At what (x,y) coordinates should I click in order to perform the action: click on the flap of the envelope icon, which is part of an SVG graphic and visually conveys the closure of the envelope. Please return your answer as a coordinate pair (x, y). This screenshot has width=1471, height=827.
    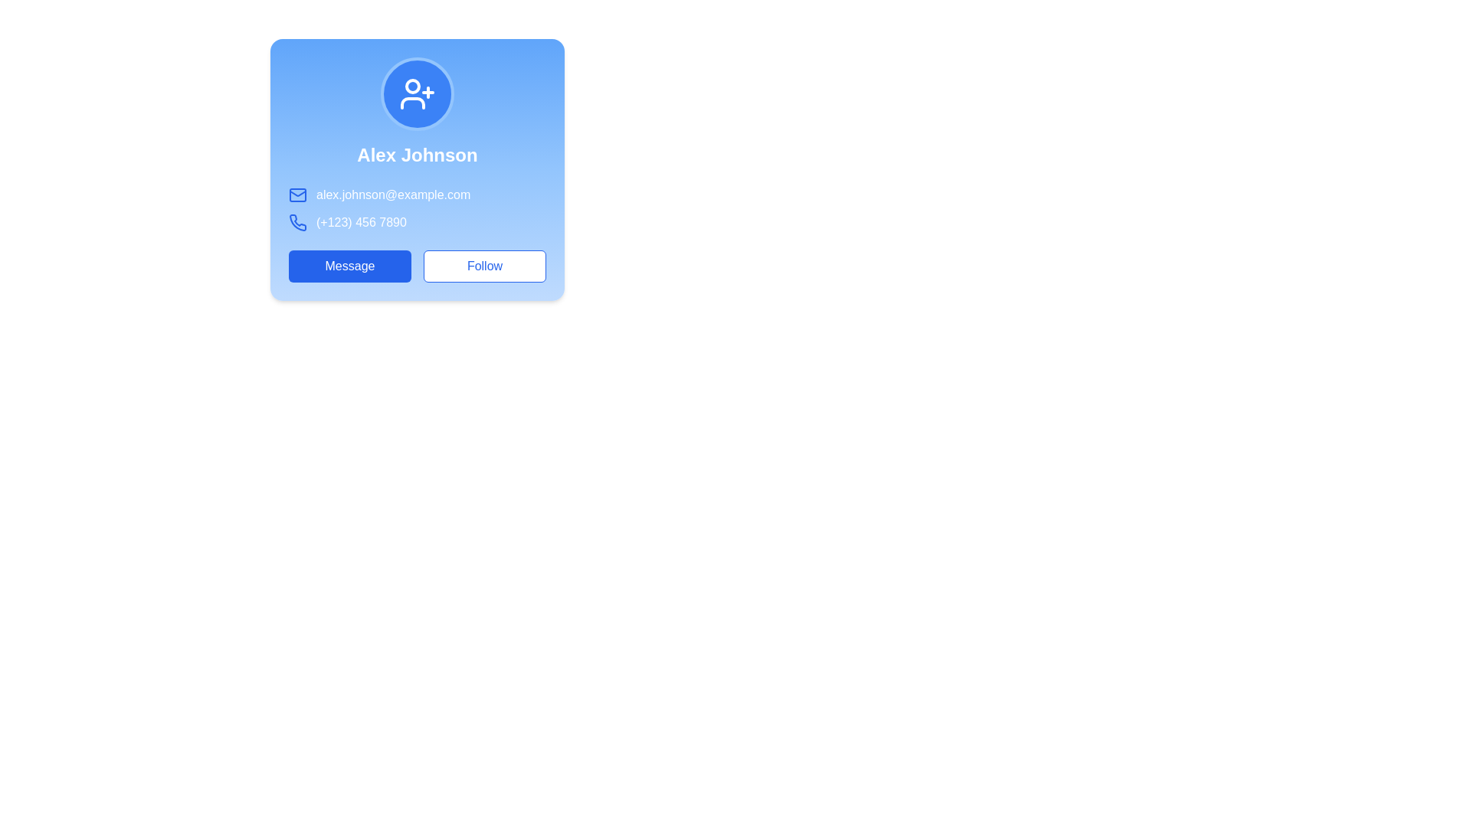
    Looking at the image, I should click on (297, 191).